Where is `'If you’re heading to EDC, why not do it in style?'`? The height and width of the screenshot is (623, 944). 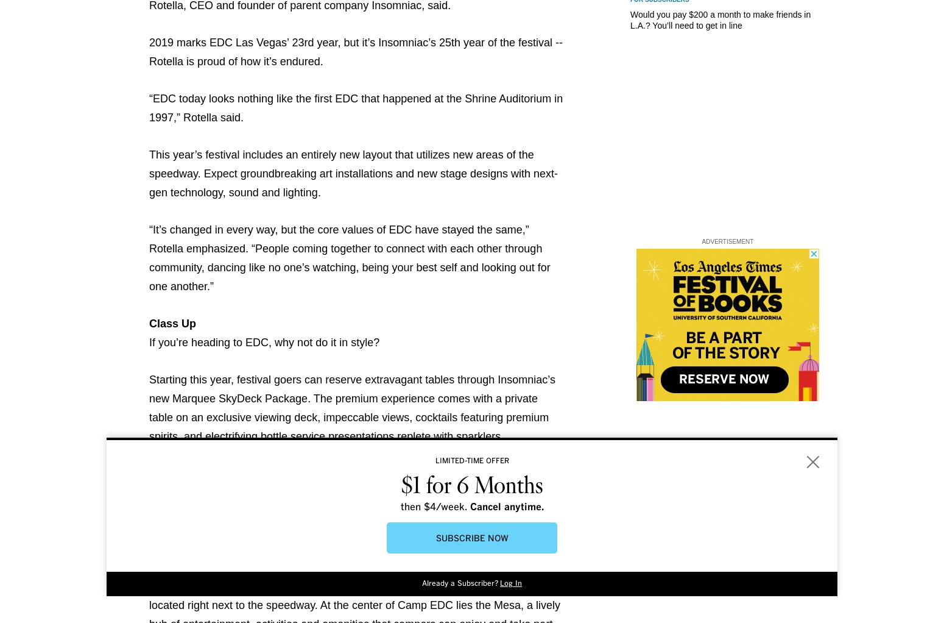 'If you’re heading to EDC, why not do it in style?' is located at coordinates (264, 342).